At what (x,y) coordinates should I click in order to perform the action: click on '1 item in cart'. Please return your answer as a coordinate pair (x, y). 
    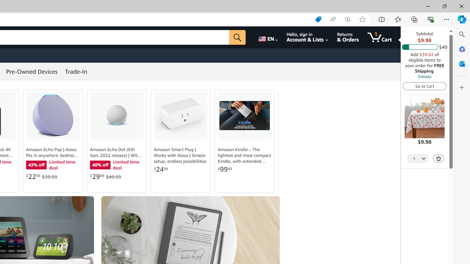
    Looking at the image, I should click on (380, 37).